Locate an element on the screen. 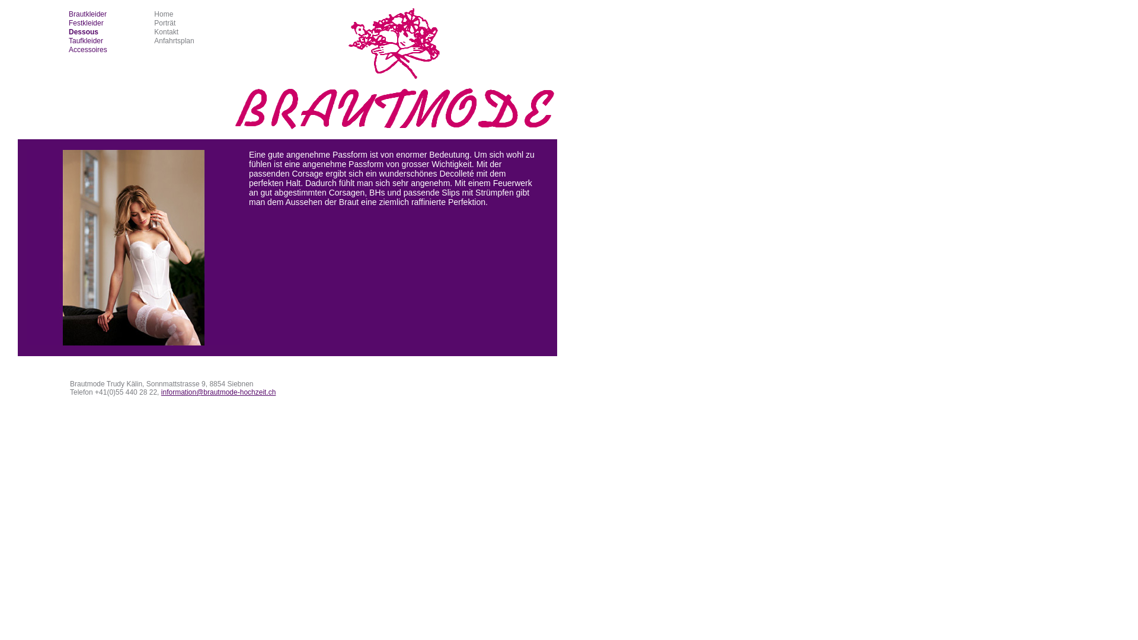 The image size is (1138, 640). 'Accessoires' is located at coordinates (87, 49).